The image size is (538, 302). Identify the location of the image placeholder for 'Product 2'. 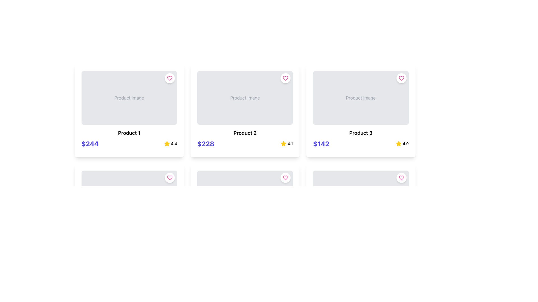
(245, 98).